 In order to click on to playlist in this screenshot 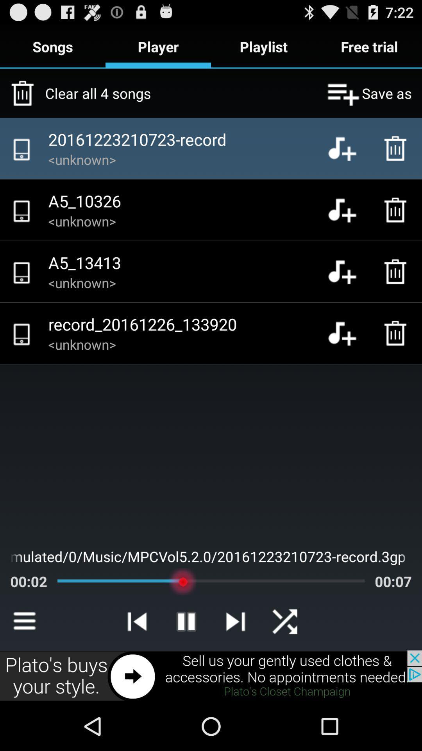, I will do `click(348, 210)`.